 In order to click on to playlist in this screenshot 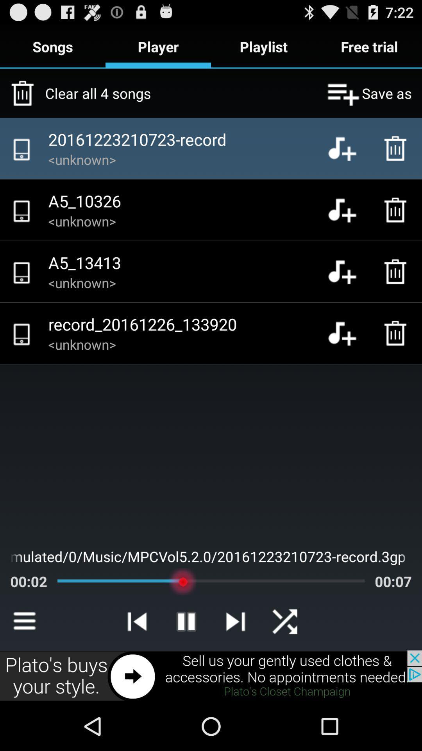, I will do `click(348, 210)`.